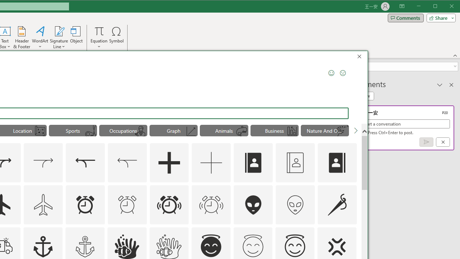  What do you see at coordinates (224, 130) in the screenshot?
I see `'"Animals" Icons.'` at bounding box center [224, 130].